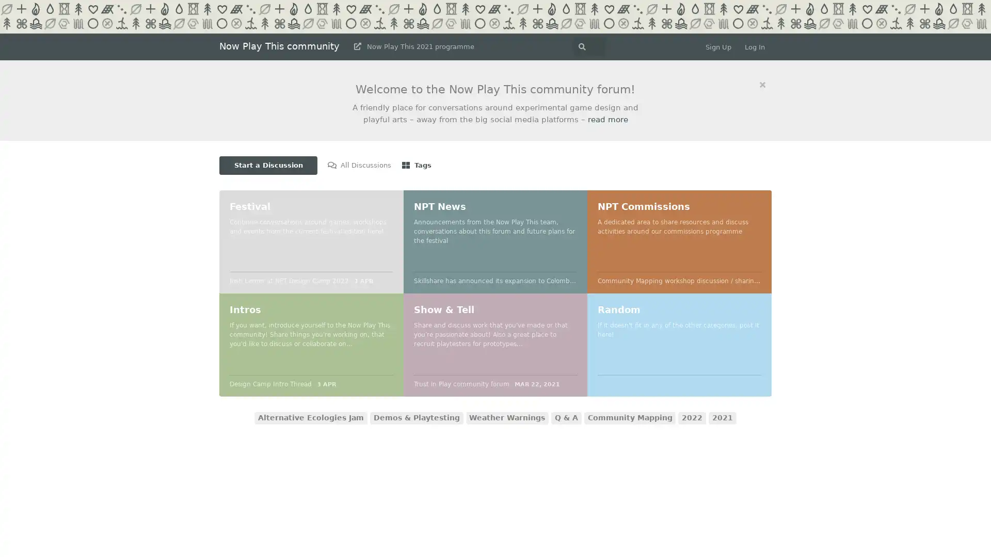 Image resolution: width=991 pixels, height=557 pixels. What do you see at coordinates (755, 47) in the screenshot?
I see `Log In` at bounding box center [755, 47].